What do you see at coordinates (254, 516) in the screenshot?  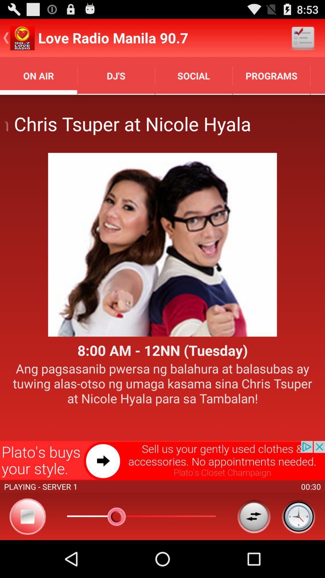 I see `options` at bounding box center [254, 516].